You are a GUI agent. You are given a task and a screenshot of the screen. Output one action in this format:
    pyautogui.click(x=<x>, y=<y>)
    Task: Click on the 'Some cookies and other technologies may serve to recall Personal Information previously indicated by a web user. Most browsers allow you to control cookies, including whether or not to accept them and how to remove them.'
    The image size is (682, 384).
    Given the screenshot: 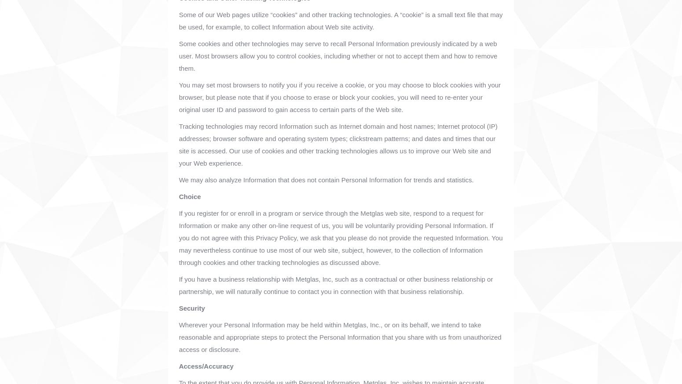 What is the action you would take?
    pyautogui.click(x=338, y=56)
    